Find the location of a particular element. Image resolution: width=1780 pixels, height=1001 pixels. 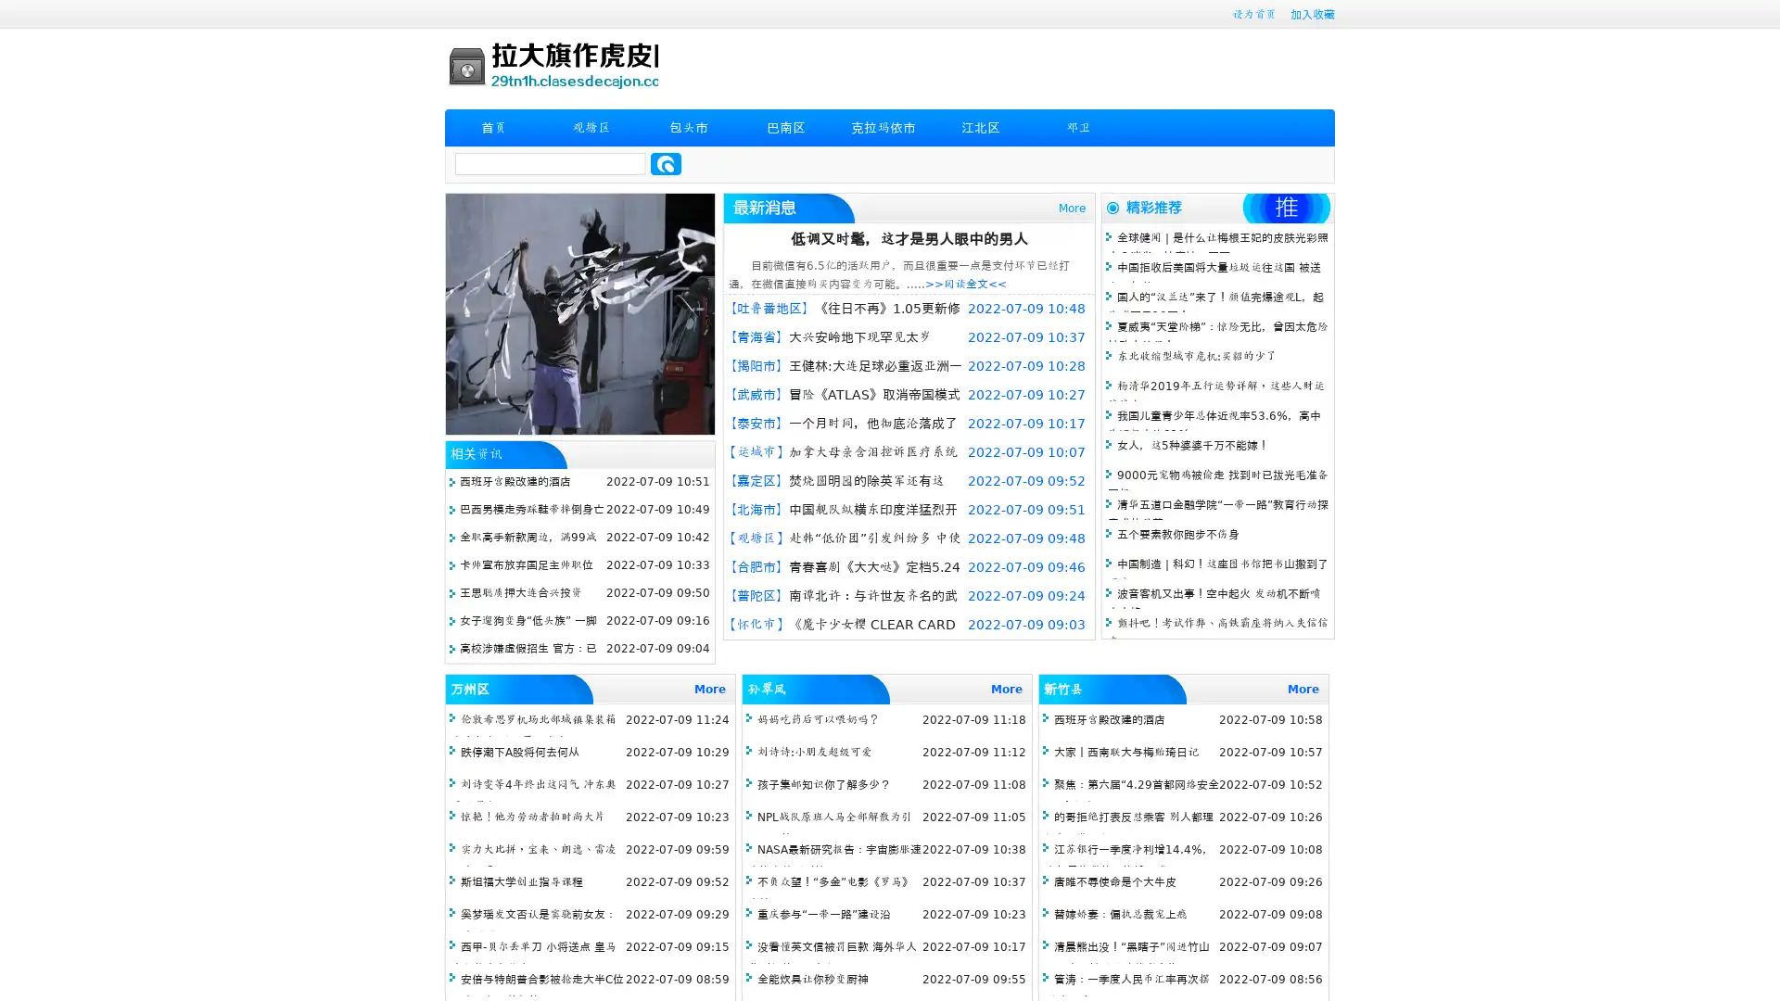

Search is located at coordinates (666, 163).